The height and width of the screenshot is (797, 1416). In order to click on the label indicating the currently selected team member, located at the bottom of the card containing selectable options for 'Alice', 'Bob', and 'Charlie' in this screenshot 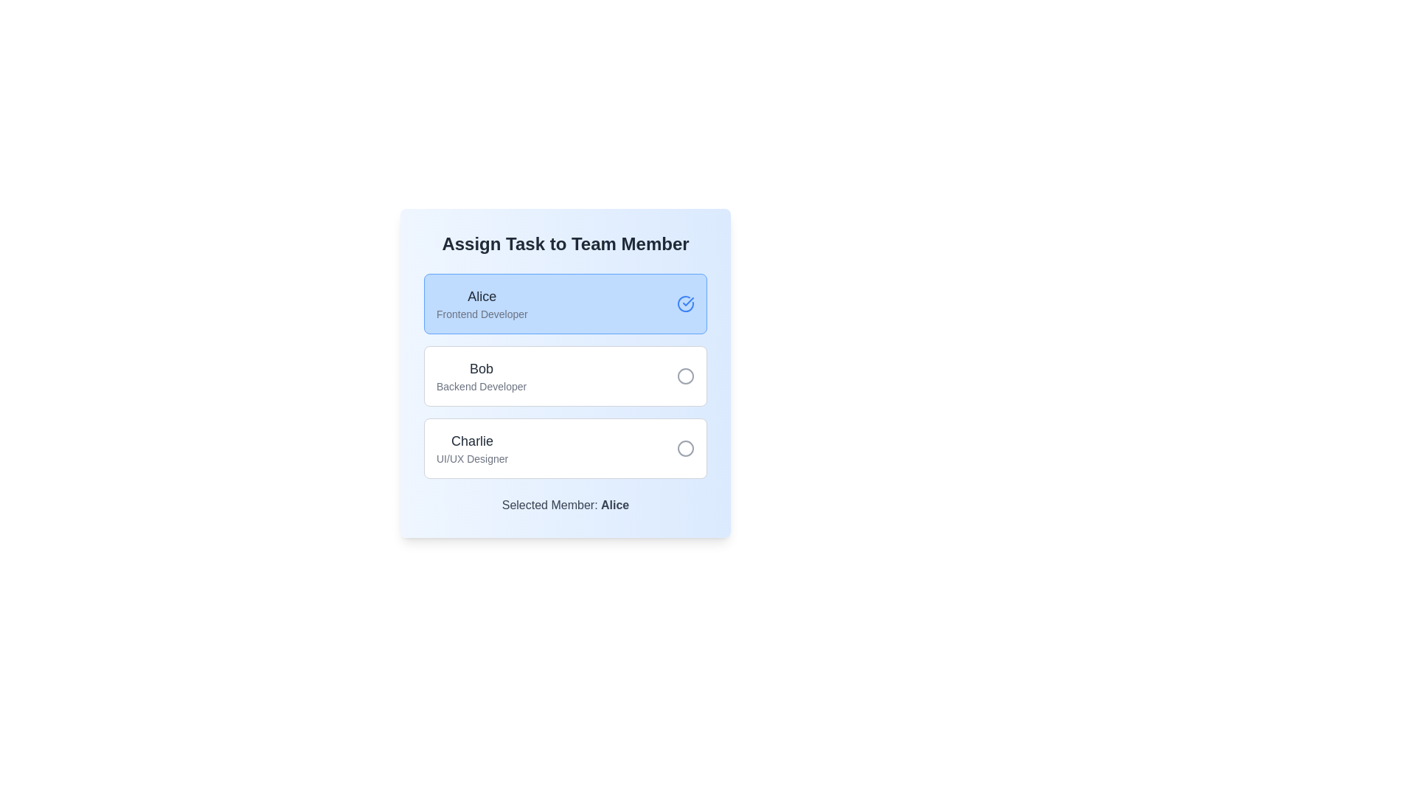, I will do `click(565, 505)`.